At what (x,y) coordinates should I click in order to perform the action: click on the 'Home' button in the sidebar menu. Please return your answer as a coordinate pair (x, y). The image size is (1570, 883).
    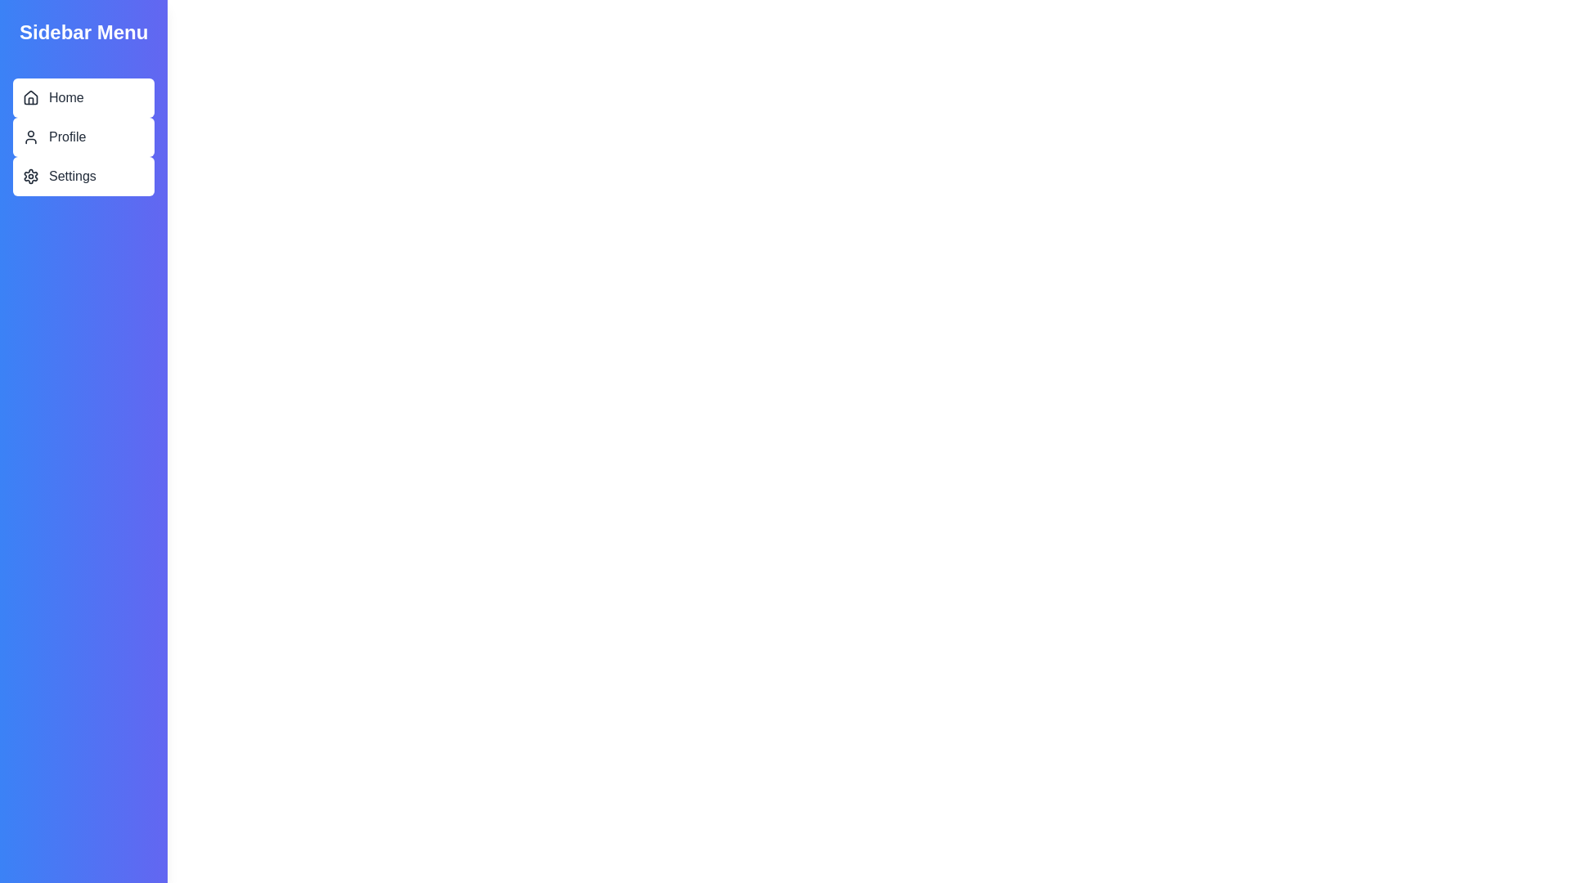
    Looking at the image, I should click on (83, 97).